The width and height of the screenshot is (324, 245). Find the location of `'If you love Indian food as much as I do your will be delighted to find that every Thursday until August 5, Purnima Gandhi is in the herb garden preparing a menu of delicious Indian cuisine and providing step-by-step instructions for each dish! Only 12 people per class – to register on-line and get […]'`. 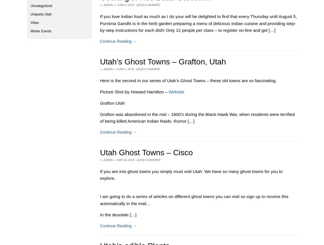

'If you love Indian food as much as I do your will be delighted to find that every Thursday until August 5, Purnima Gandhi is in the herb garden preparing a menu of delicious Indian cuisine and providing step-by-step instructions for each dish! Only 12 people per class – to register on-line and get […]' is located at coordinates (198, 23).